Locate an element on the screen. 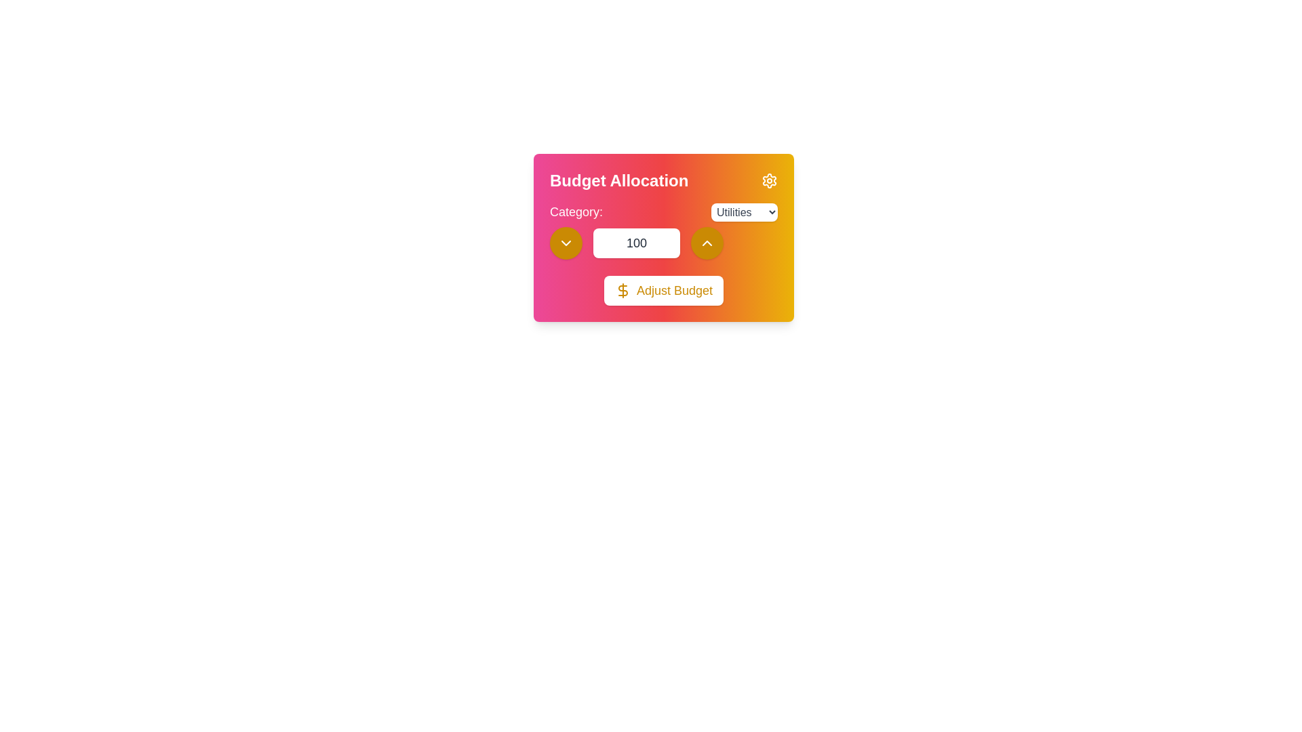 The image size is (1302, 732). the settings icon button located in the top-right corner of the 'Budget Allocation' section is located at coordinates (769, 180).